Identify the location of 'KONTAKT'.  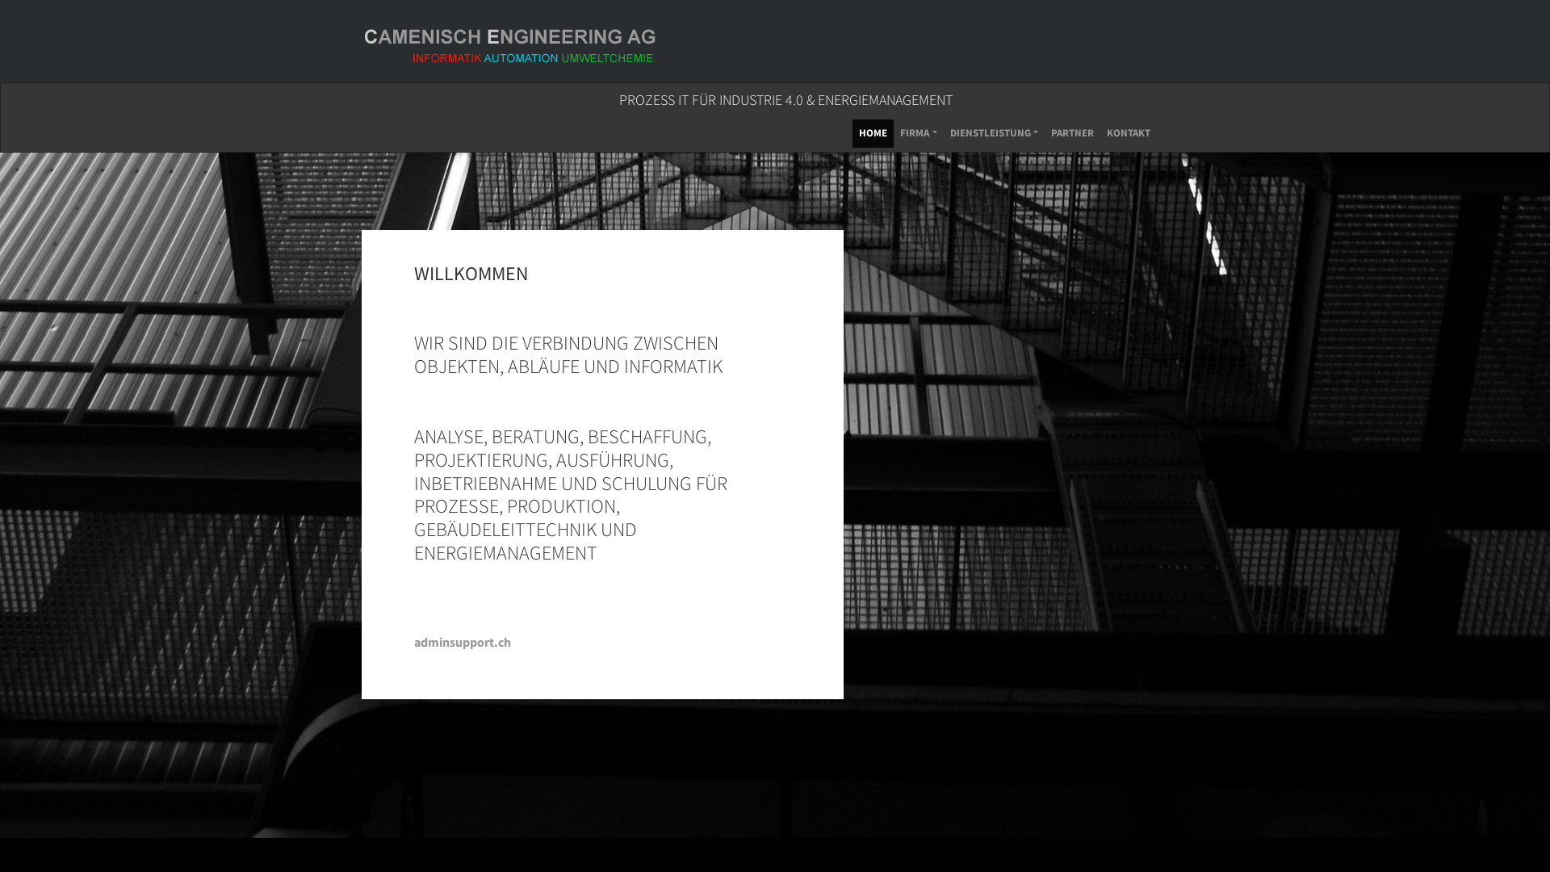
(1127, 132).